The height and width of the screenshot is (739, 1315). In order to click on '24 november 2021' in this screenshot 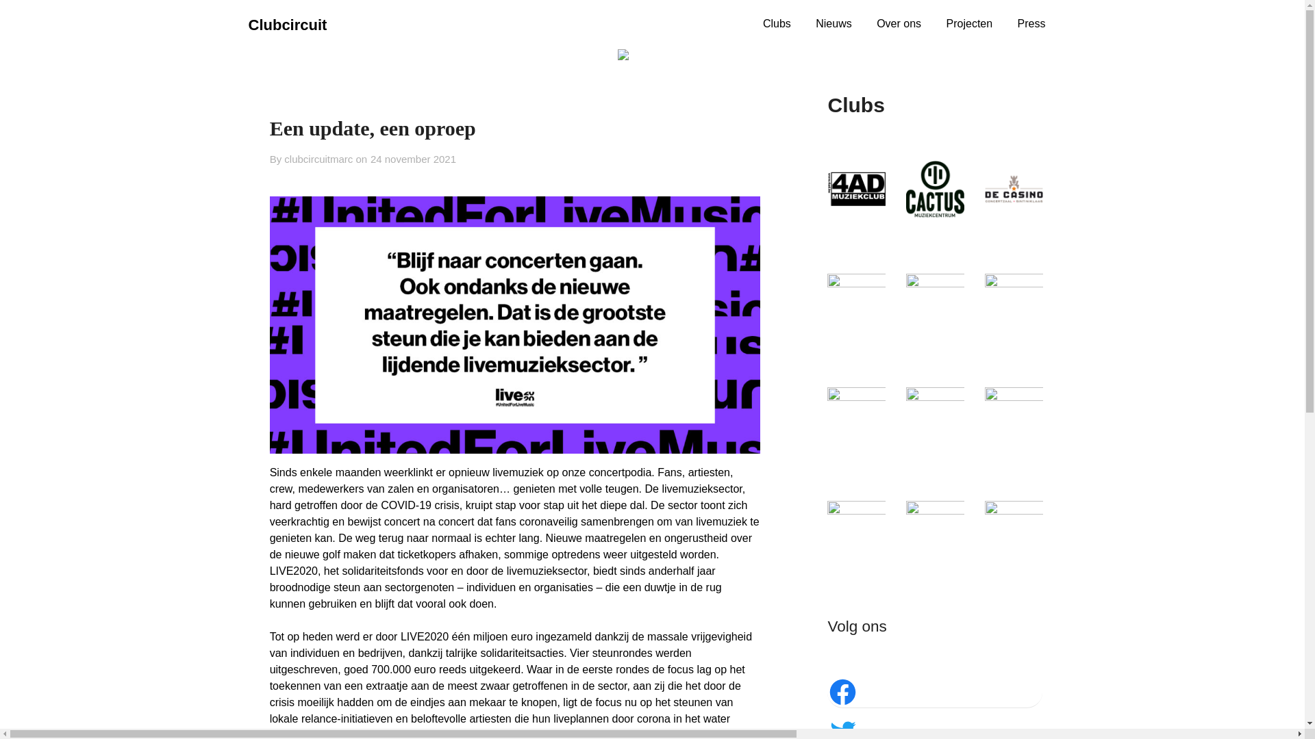, I will do `click(371, 158)`.